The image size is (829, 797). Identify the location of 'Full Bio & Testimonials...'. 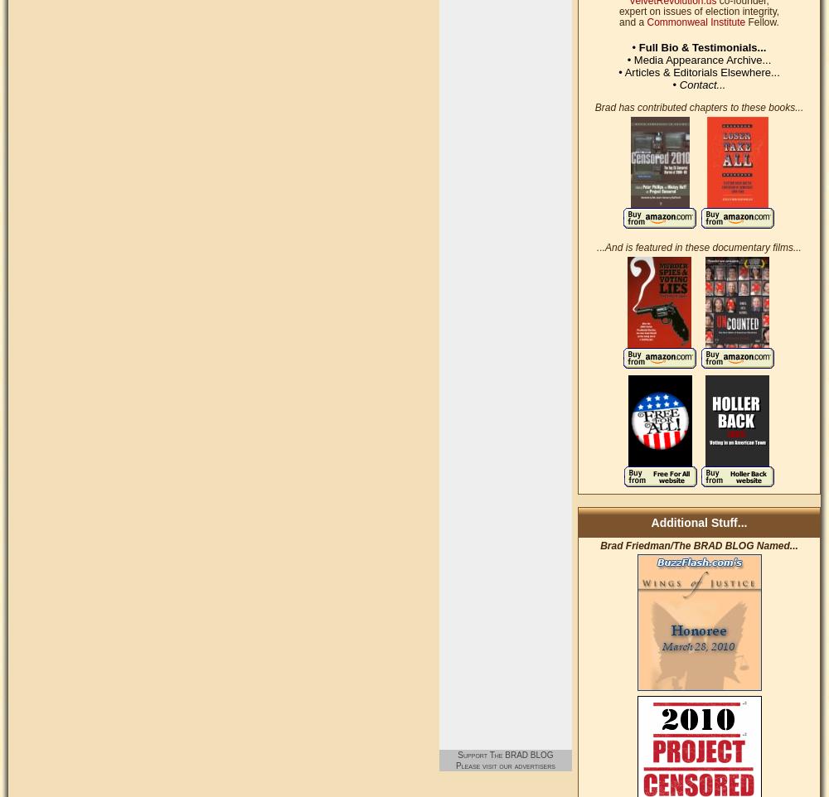
(701, 46).